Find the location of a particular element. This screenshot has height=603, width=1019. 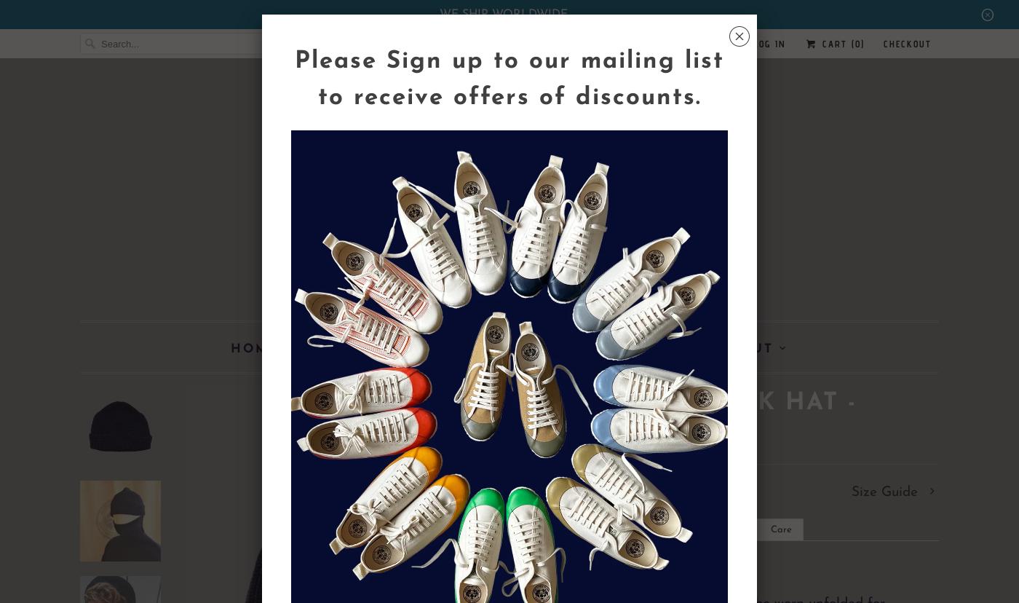

'ABOUT' is located at coordinates (745, 348).